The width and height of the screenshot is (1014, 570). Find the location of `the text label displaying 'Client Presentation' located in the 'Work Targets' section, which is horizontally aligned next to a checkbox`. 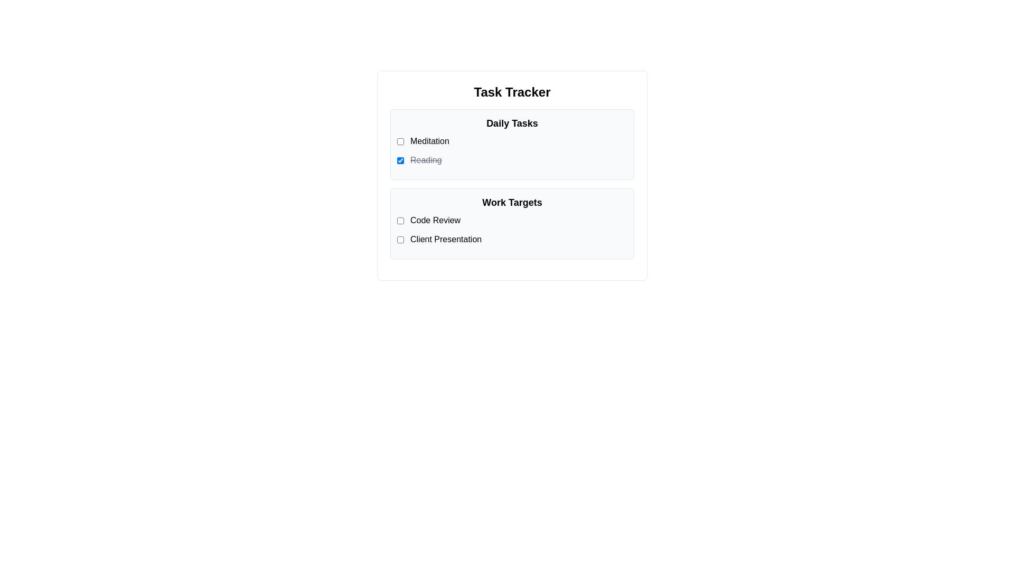

the text label displaying 'Client Presentation' located in the 'Work Targets' section, which is horizontally aligned next to a checkbox is located at coordinates (446, 240).